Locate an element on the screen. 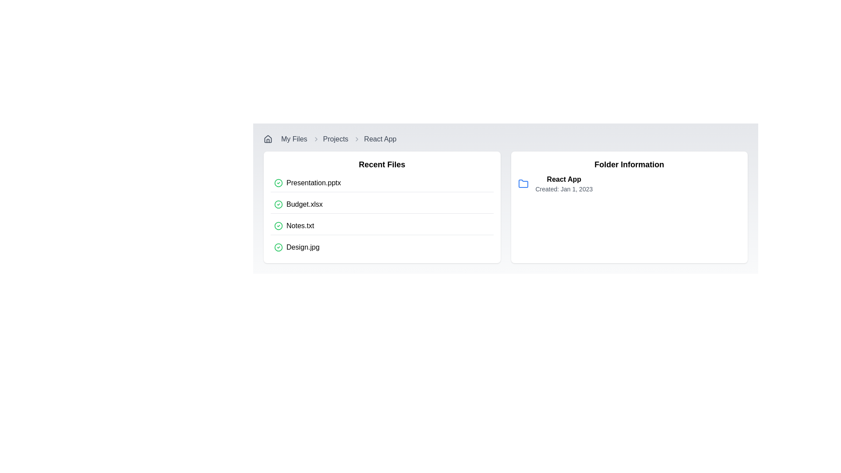  the 'React App' navigation link located is located at coordinates (375, 138).